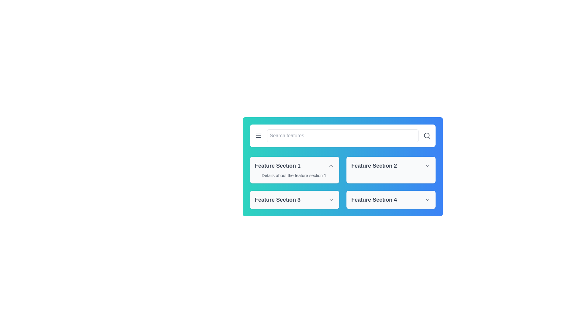  Describe the element at coordinates (294, 170) in the screenshot. I see `the feature description card located in the top-left corner of the grid layout` at that location.